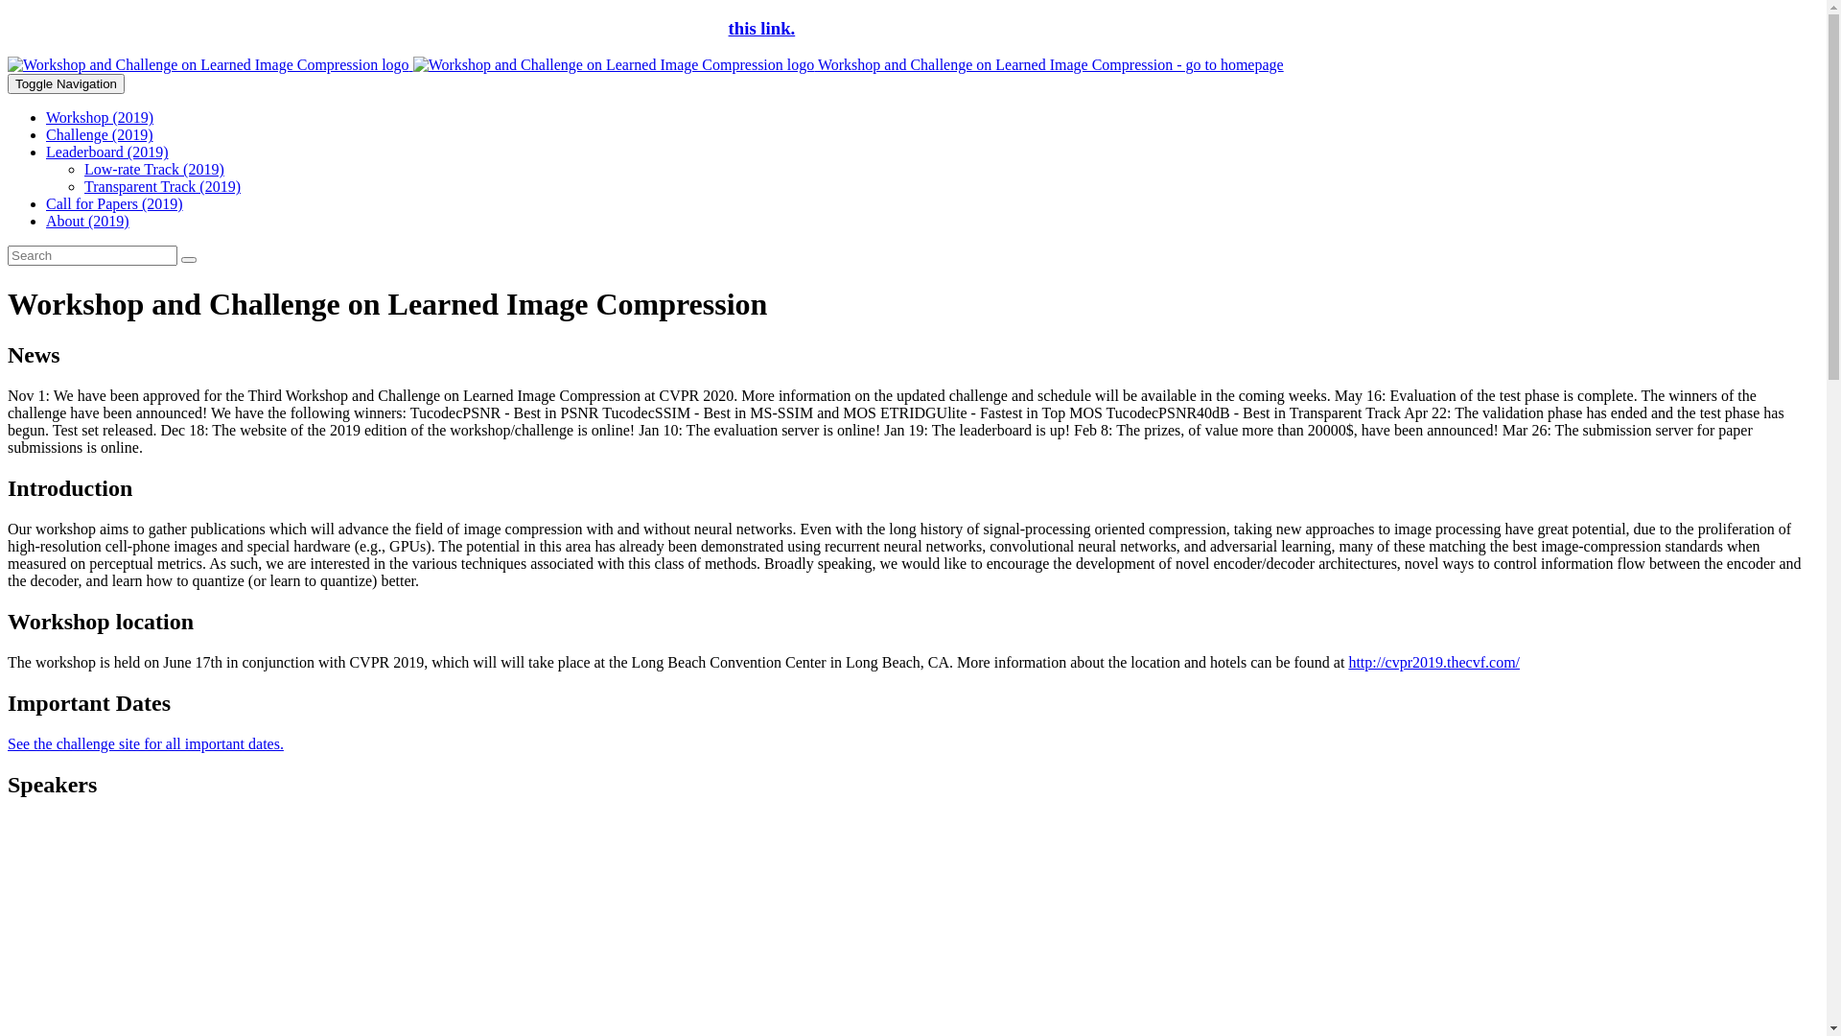  I want to click on 'http://cvpr2019.thecvf.com/', so click(1433, 661).